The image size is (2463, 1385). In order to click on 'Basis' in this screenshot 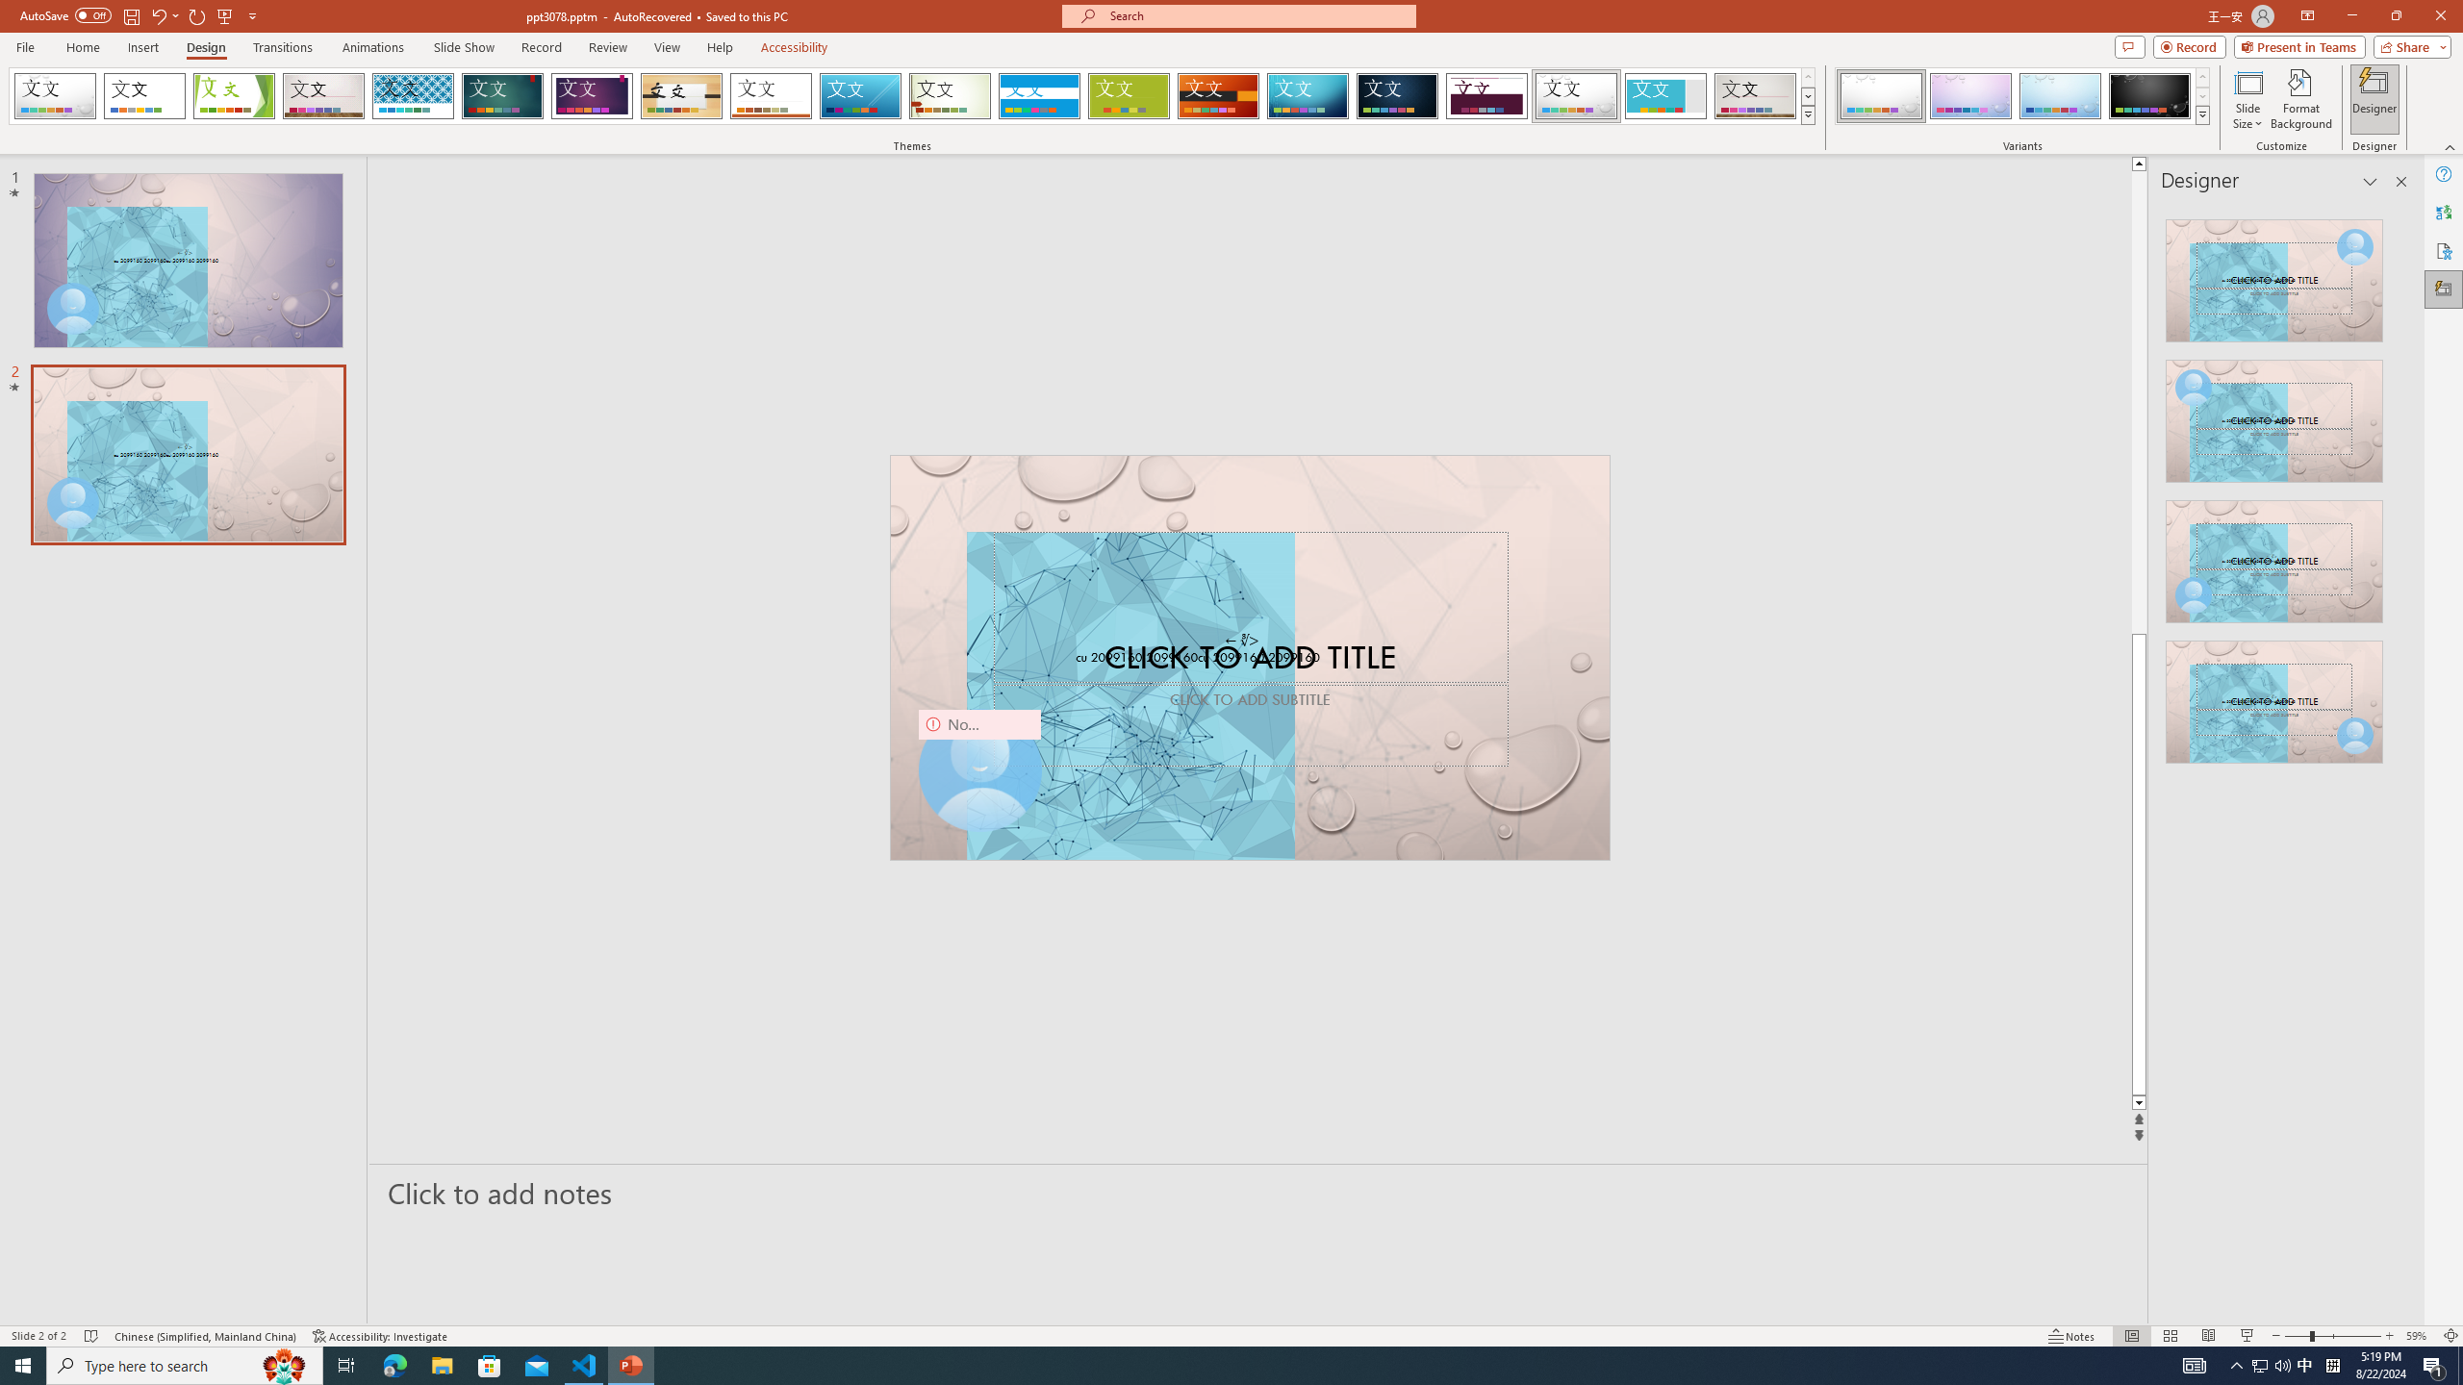, I will do `click(1129, 95)`.